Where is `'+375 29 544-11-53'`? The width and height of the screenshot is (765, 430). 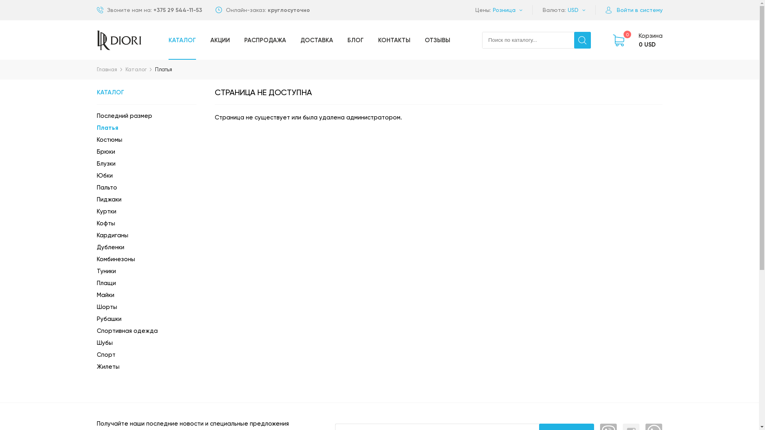 '+375 29 544-11-53' is located at coordinates (153, 10).